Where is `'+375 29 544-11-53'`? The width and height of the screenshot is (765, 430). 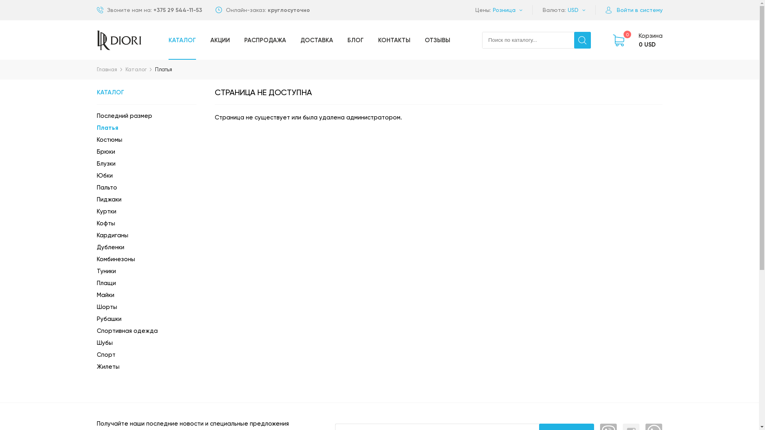 '+375 29 544-11-53' is located at coordinates (153, 10).